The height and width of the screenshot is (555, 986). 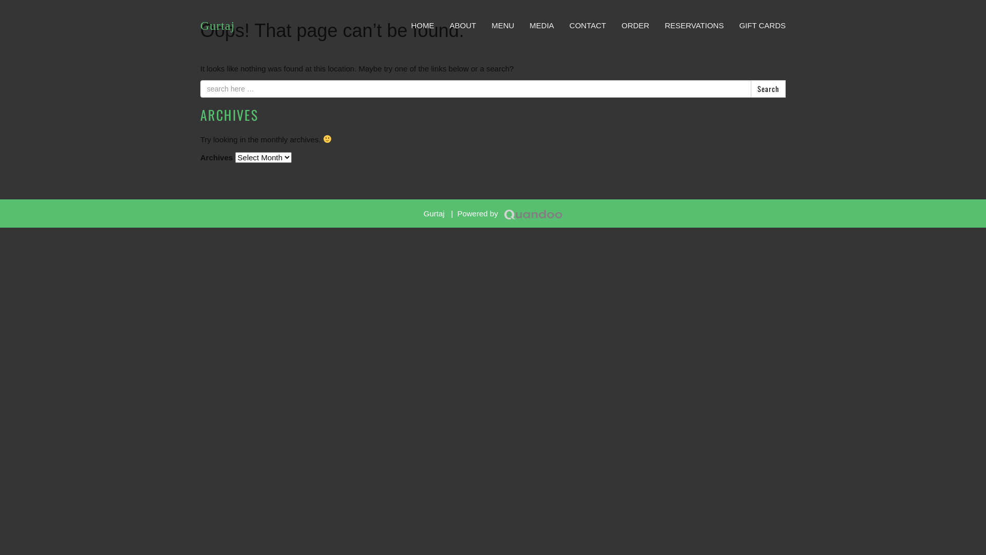 I want to click on 'ABOUT', so click(x=462, y=25).